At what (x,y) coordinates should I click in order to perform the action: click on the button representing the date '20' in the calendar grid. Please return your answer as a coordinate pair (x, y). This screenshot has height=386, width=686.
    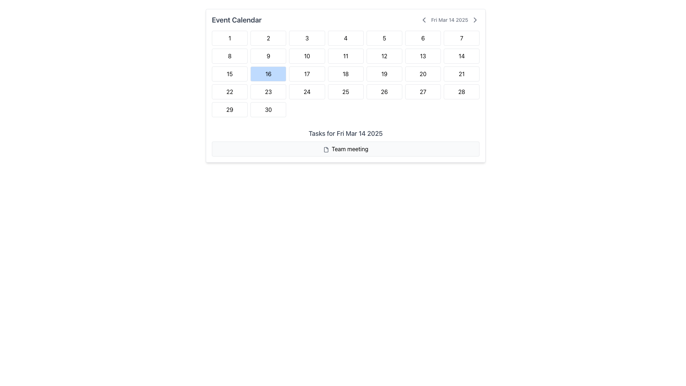
    Looking at the image, I should click on (423, 74).